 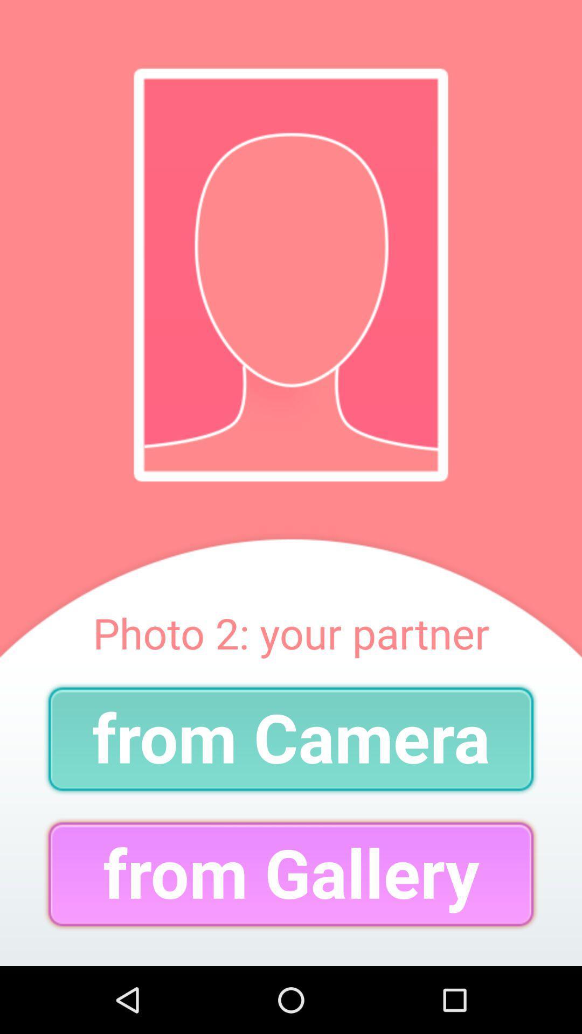 What do you see at coordinates (291, 874) in the screenshot?
I see `the from gallery item` at bounding box center [291, 874].